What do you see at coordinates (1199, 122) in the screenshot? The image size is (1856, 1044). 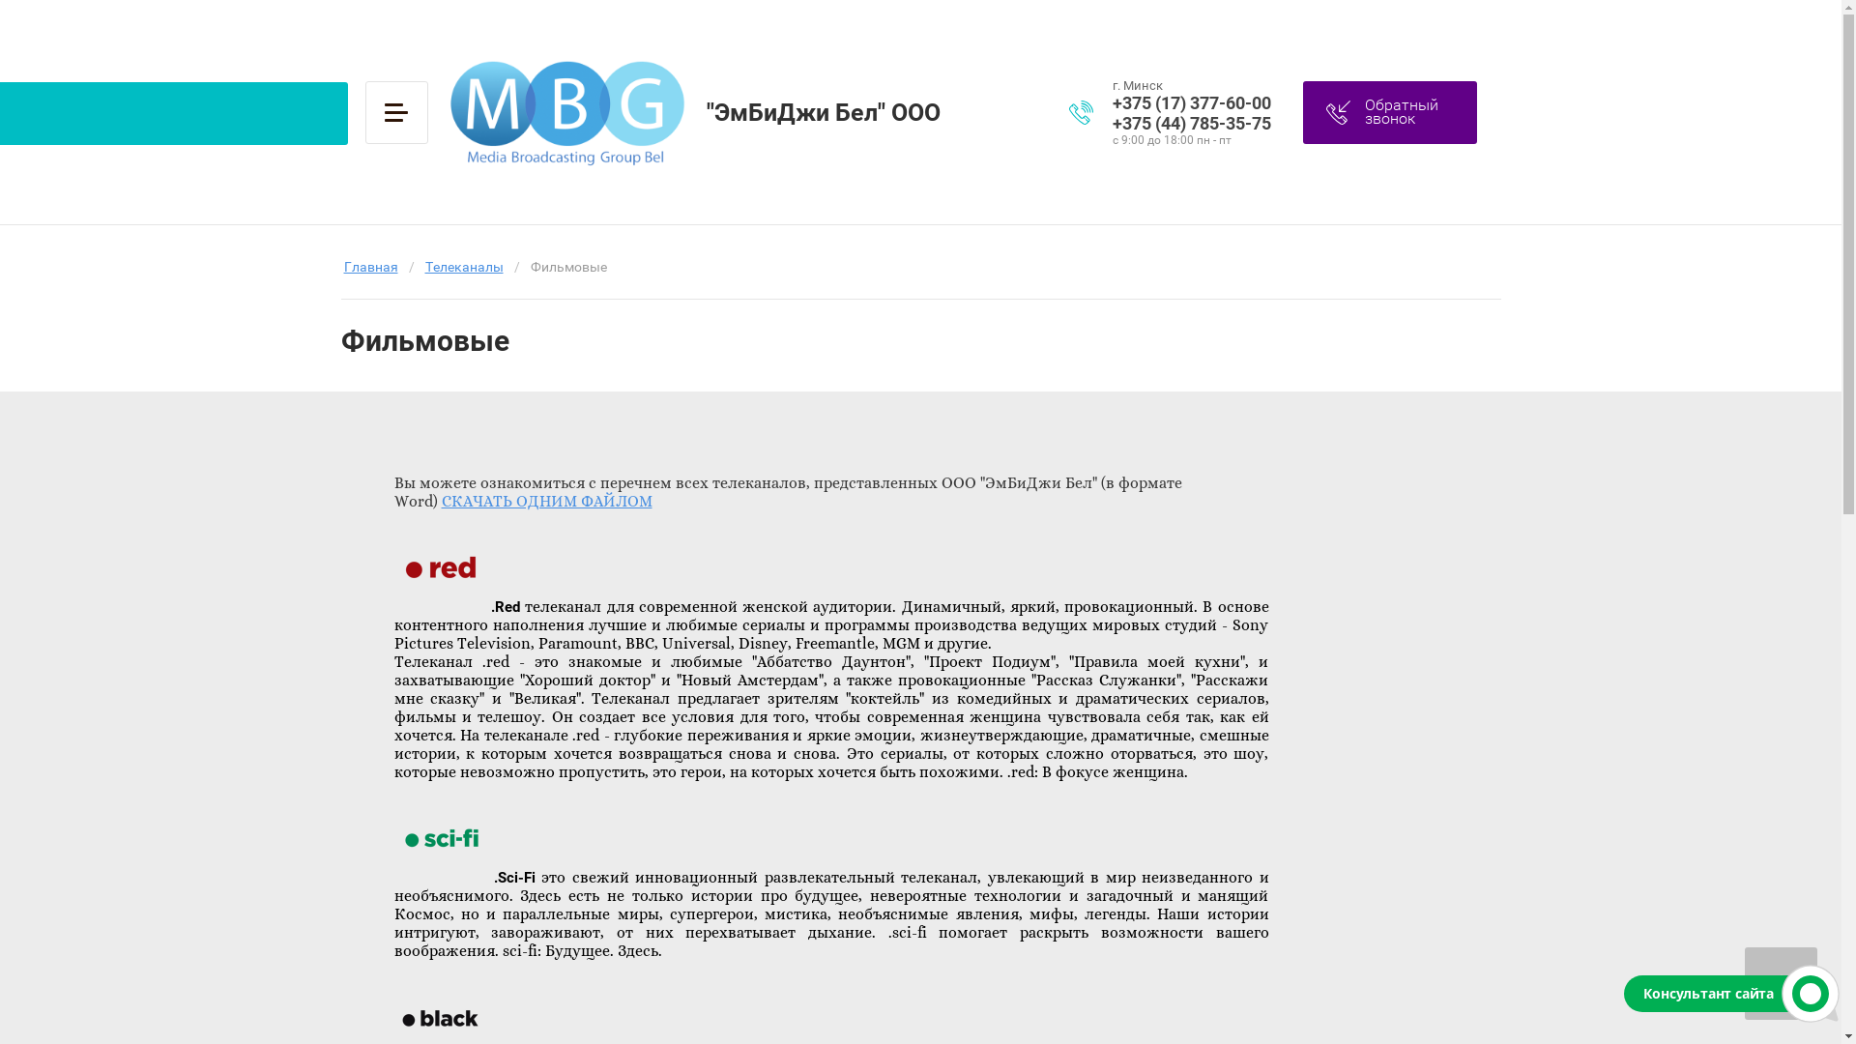 I see `'+375 (44) 785-35-75'` at bounding box center [1199, 122].